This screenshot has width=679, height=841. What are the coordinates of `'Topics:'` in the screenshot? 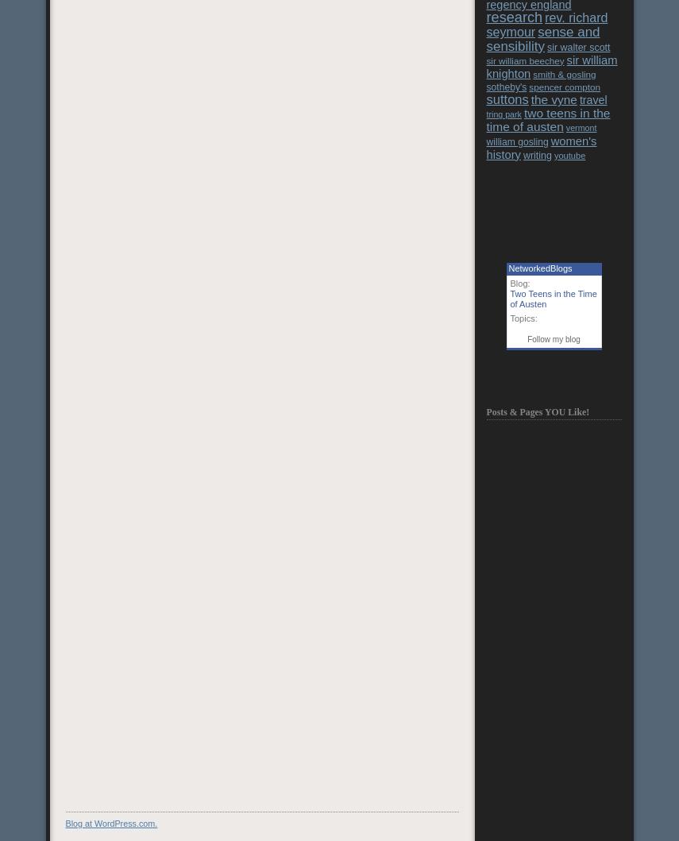 It's located at (523, 318).